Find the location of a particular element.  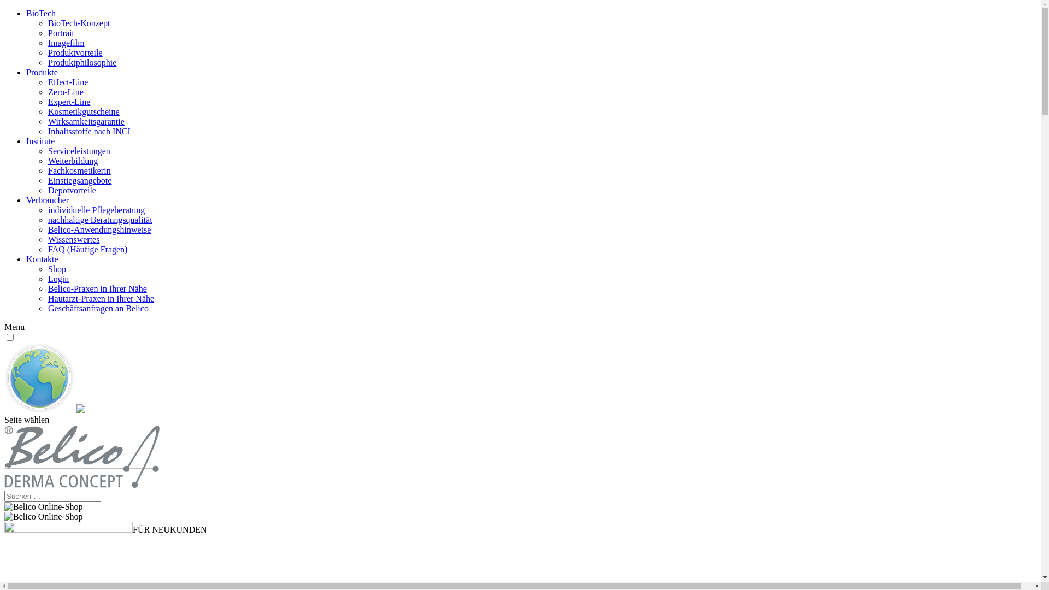

'Expert-Line' is located at coordinates (68, 102).